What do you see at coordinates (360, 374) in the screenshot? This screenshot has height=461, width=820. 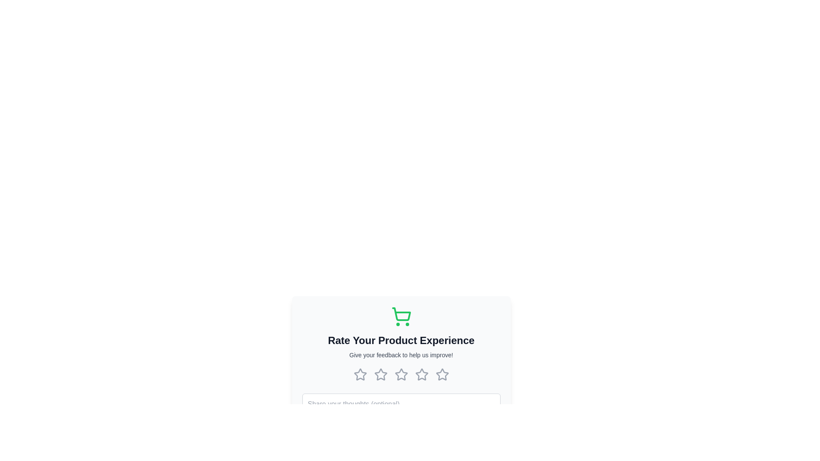 I see `the first star in the interactive rating component, which is a gray star-shaped icon positioned below the title 'Rate Your Product Experience'` at bounding box center [360, 374].